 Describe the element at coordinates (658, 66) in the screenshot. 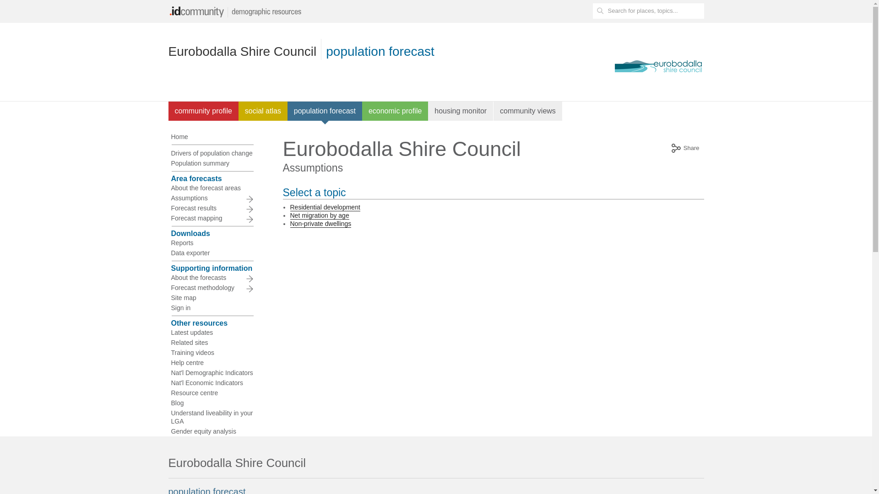

I see `'Eurobodalla Shire Council website'` at that location.